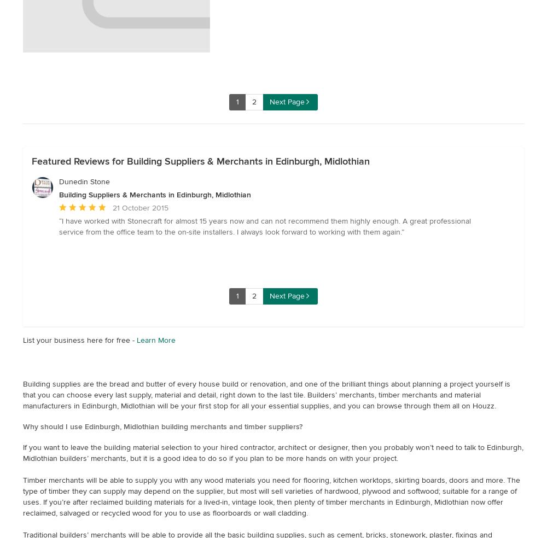 The width and height of the screenshot is (547, 538). Describe the element at coordinates (272, 452) in the screenshot. I see `'If you want to leave the building material selection to your hired contractor, architect or designer, then you probably won’t need to talk to Edinburgh, Midlothian builders’ merchants, but it is a good idea to do so if you plan to be more hands on with your project.'` at that location.